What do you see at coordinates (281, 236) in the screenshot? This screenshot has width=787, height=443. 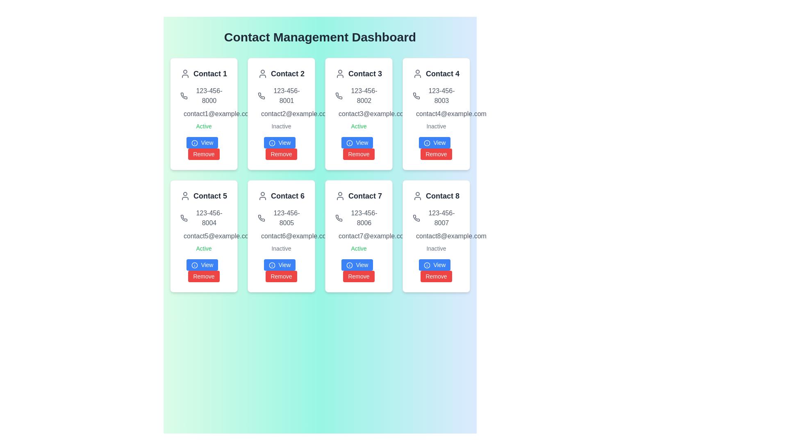 I see `the Text display field that shows the email address 'contact6@example.com' in gray color, located in the sixth card titled 'Contact 6', positioned below the phone number '123-456-8005'` at bounding box center [281, 236].